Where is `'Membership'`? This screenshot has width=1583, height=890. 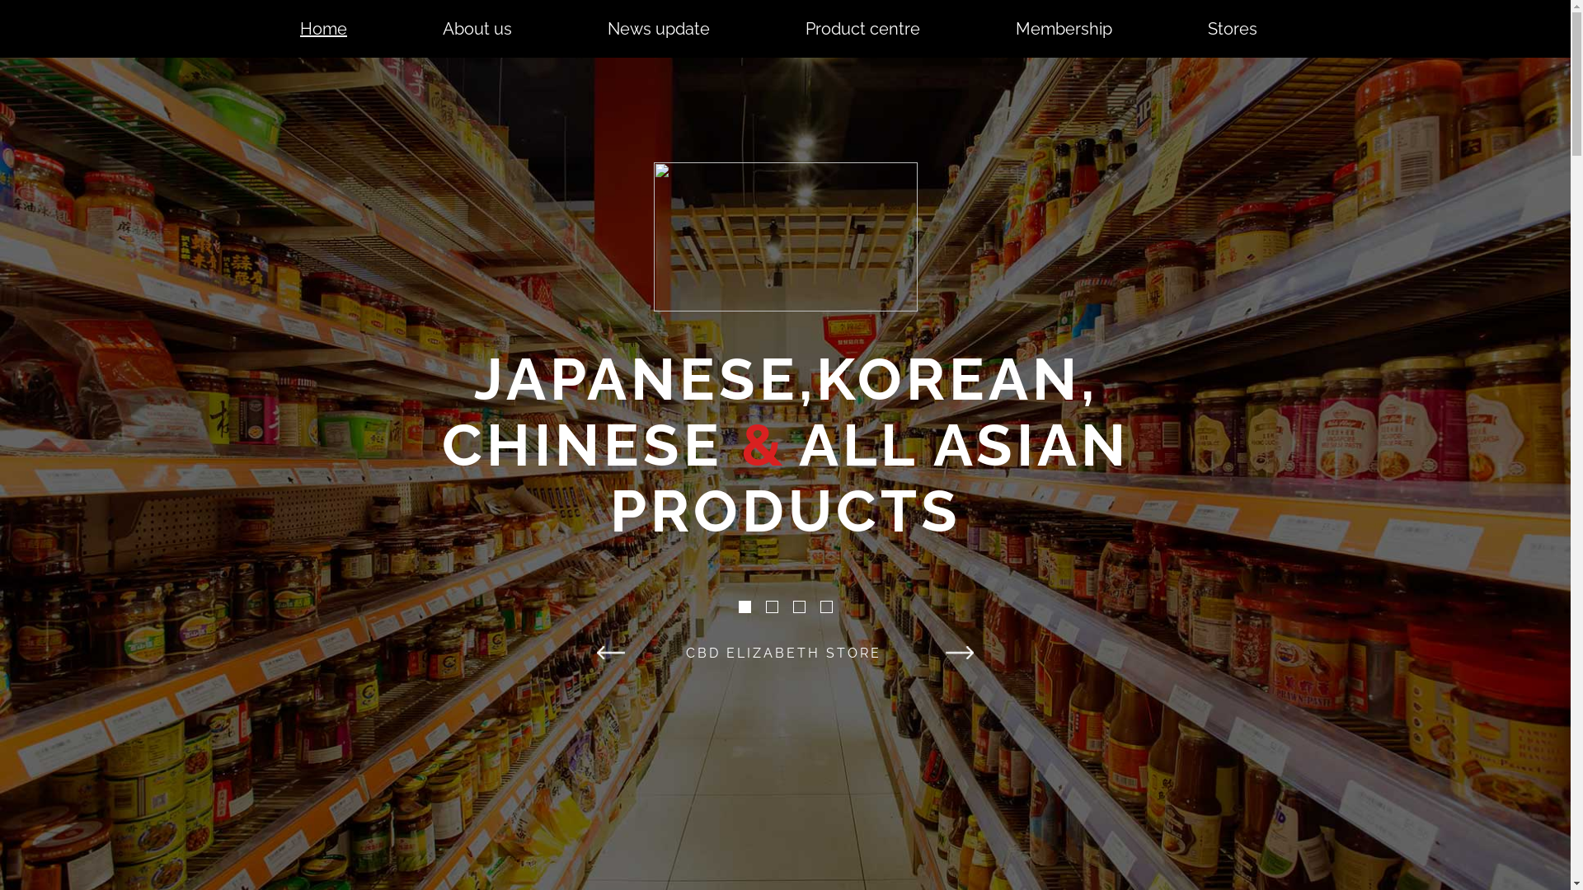
'Membership' is located at coordinates (1064, 28).